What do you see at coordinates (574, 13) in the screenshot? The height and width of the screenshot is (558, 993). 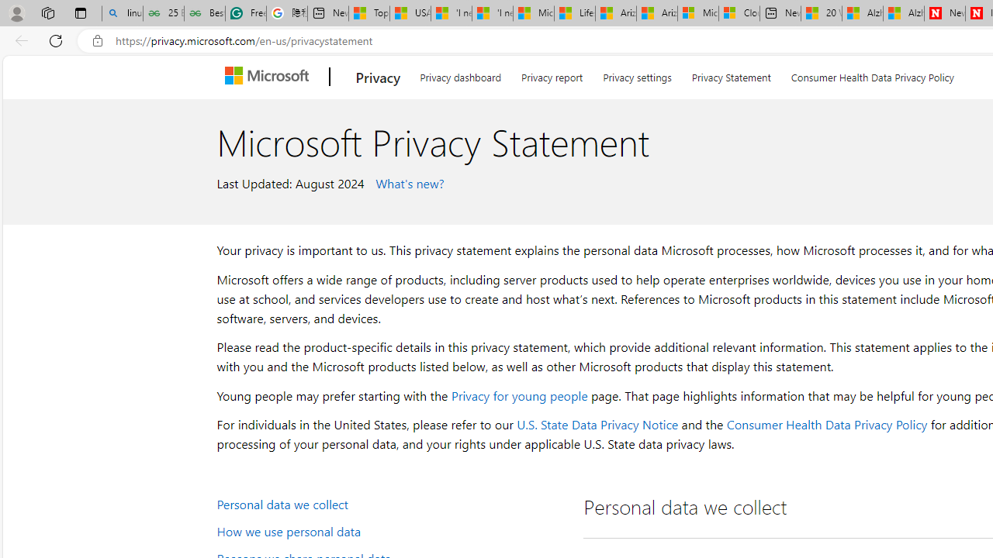 I see `'Lifestyle - MSN'` at bounding box center [574, 13].